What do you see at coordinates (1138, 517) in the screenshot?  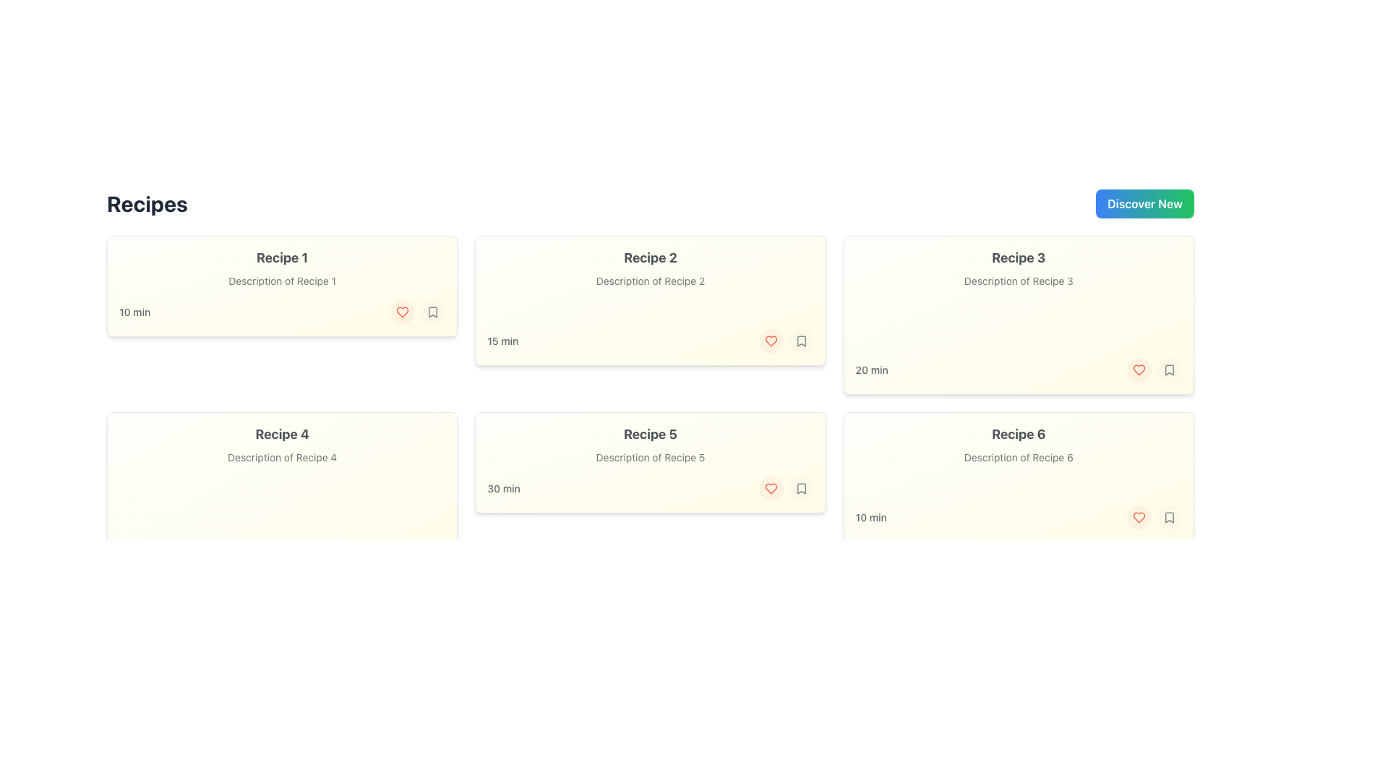 I see `the 'Like' button located at the bottom-right corner of 'Recipe 6', which is the first button in the row of action icons` at bounding box center [1138, 517].